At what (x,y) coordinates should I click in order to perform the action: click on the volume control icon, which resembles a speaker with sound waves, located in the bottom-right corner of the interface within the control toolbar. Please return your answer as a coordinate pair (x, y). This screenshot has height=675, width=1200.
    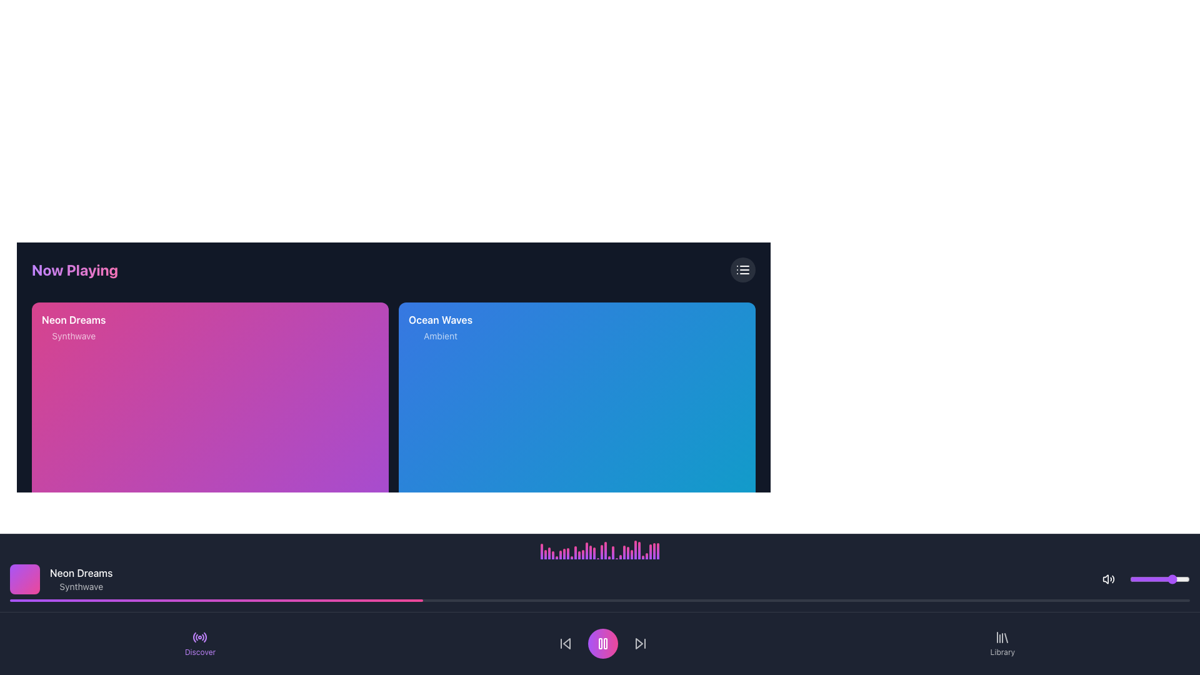
    Looking at the image, I should click on (1106, 579).